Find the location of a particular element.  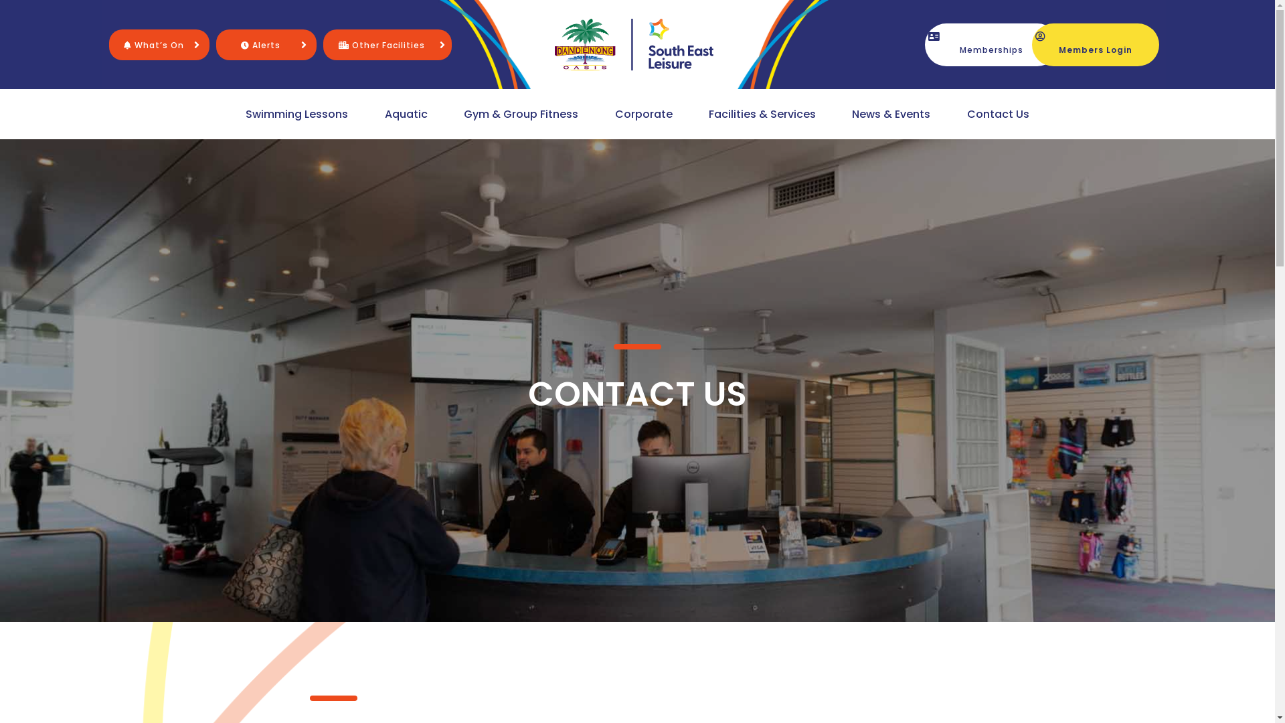

'Other Facilities' is located at coordinates (338, 44).